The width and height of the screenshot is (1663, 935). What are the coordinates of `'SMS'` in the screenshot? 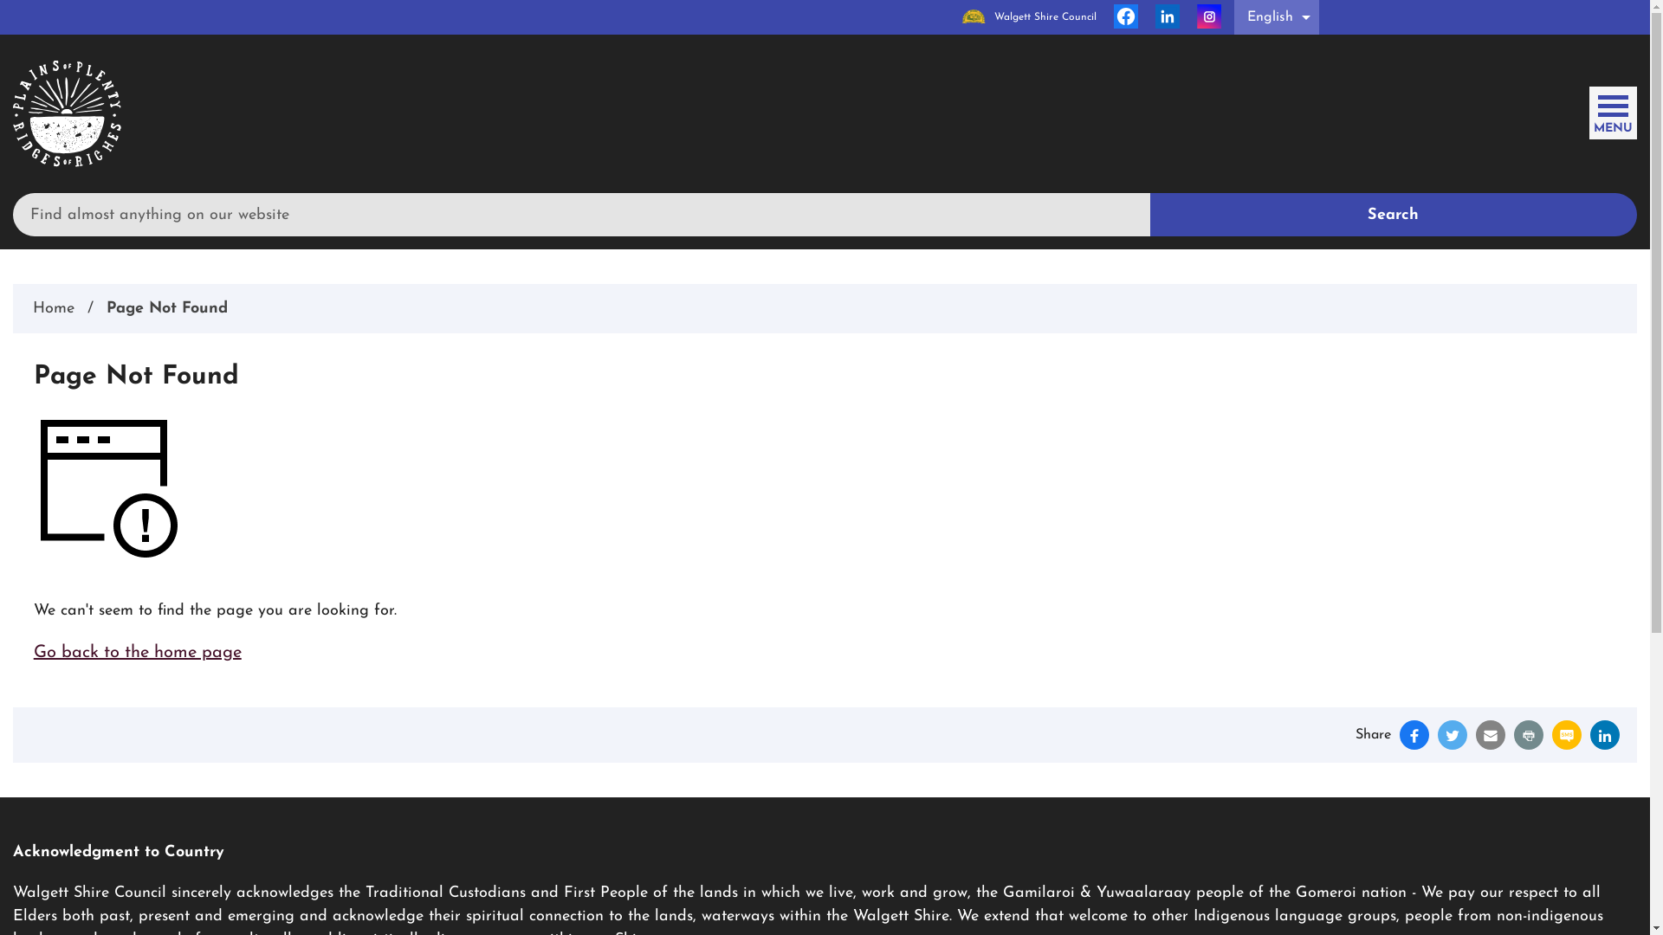 It's located at (1567, 734).